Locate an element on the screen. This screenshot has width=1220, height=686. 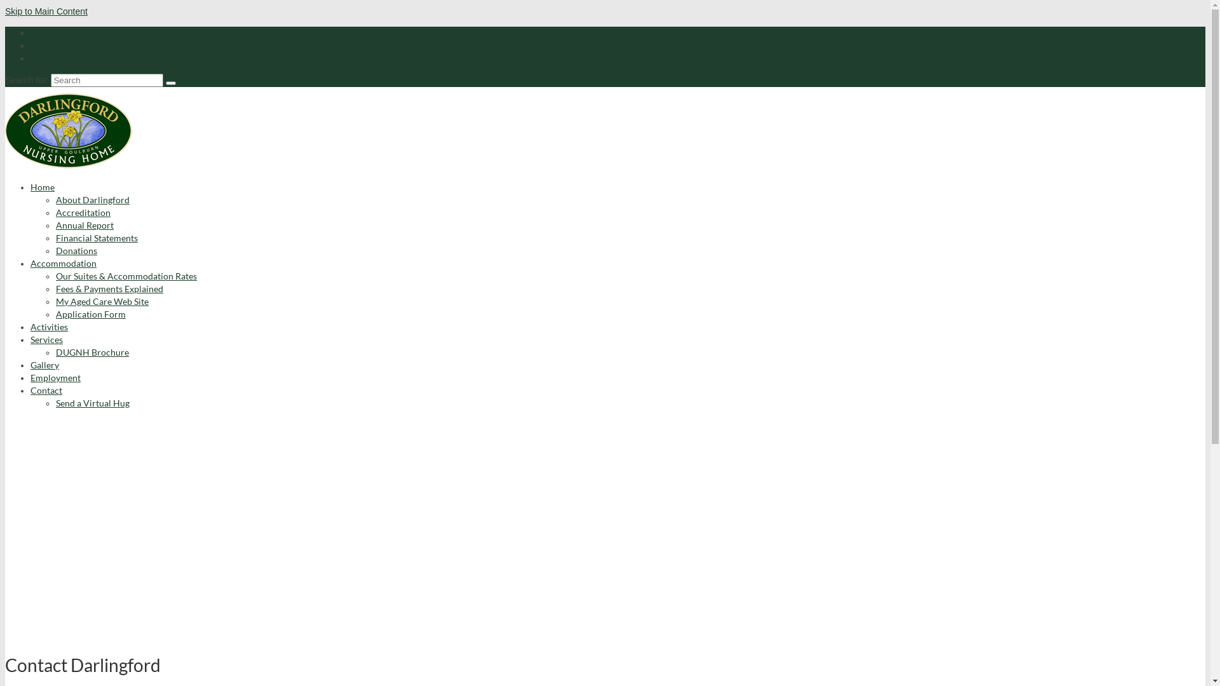
'Skip to Main Content' is located at coordinates (46, 11).